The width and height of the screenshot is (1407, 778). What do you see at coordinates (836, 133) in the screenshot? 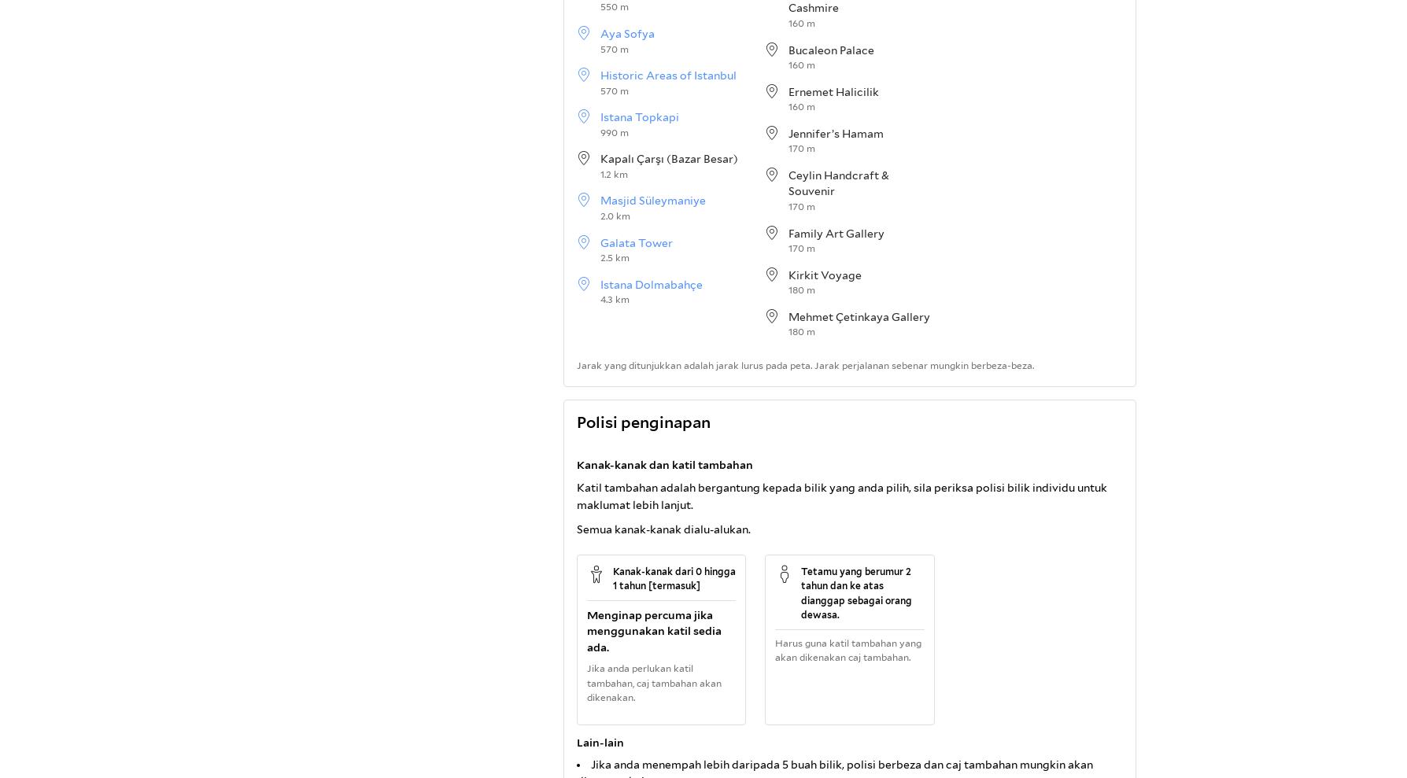
I see `'Jennifer’s Hamam'` at bounding box center [836, 133].